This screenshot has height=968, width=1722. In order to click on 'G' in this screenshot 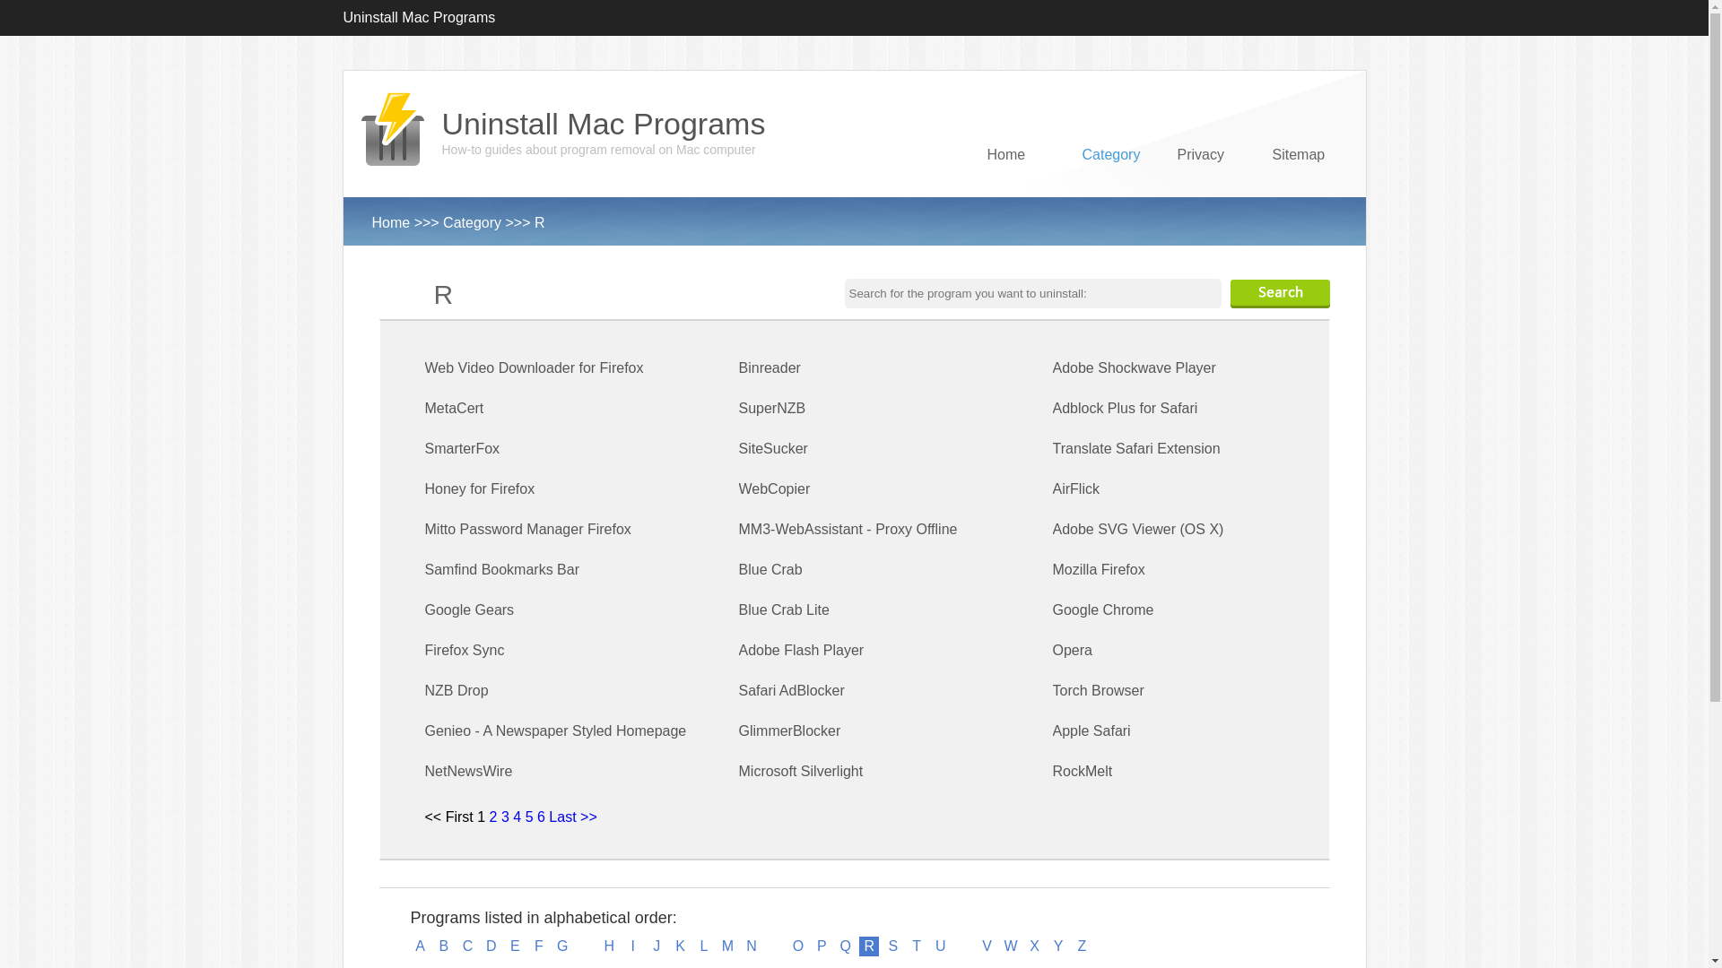, I will do `click(561, 946)`.